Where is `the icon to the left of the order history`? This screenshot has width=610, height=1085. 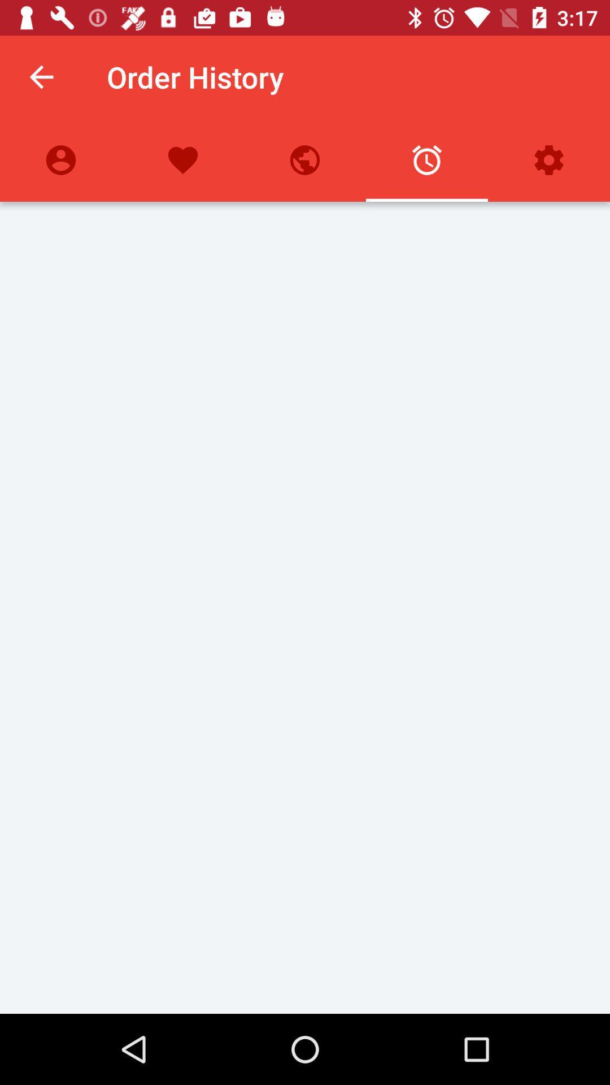
the icon to the left of the order history is located at coordinates (41, 76).